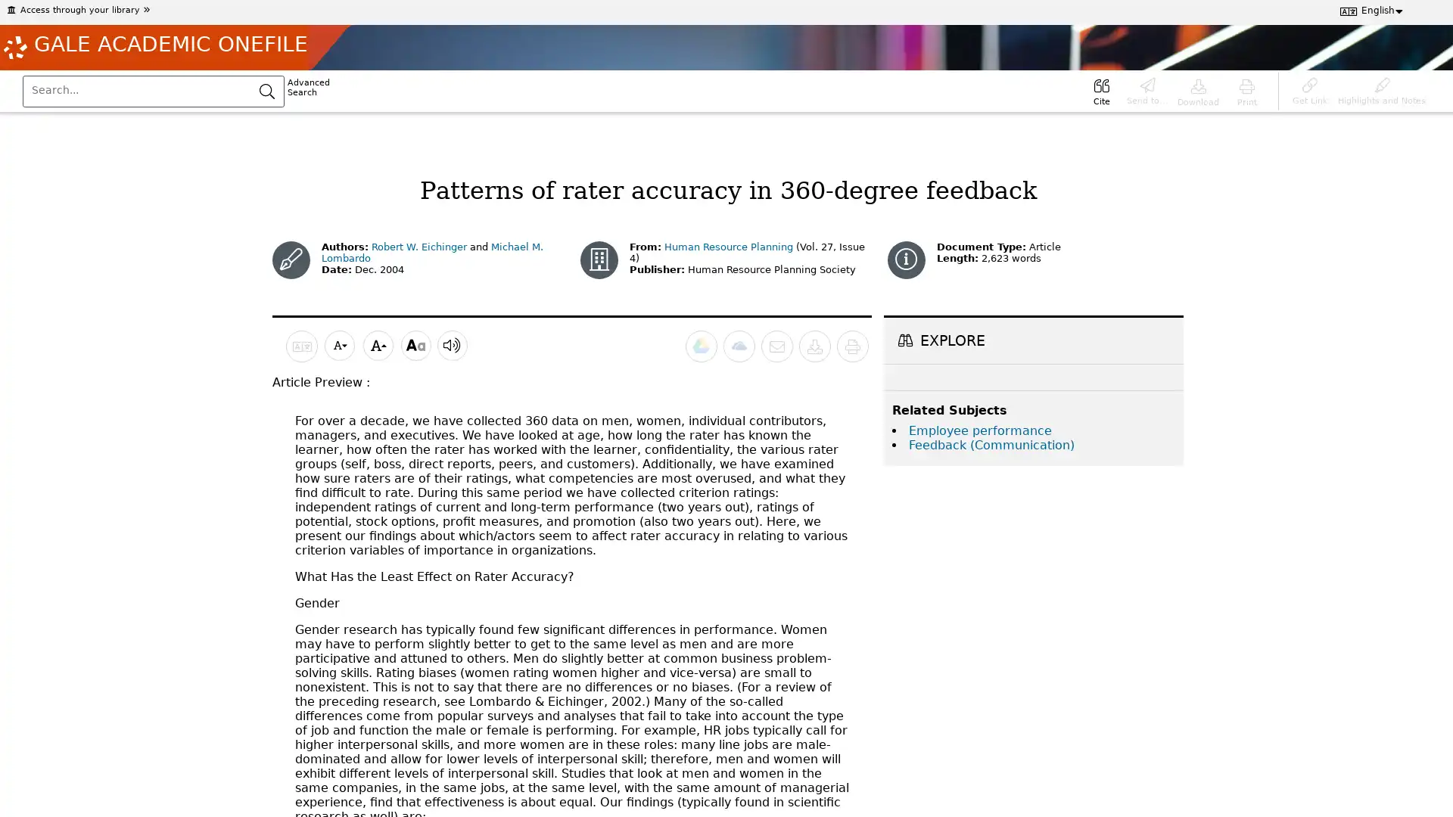 This screenshot has height=817, width=1453. What do you see at coordinates (415, 345) in the screenshot?
I see `Display options` at bounding box center [415, 345].